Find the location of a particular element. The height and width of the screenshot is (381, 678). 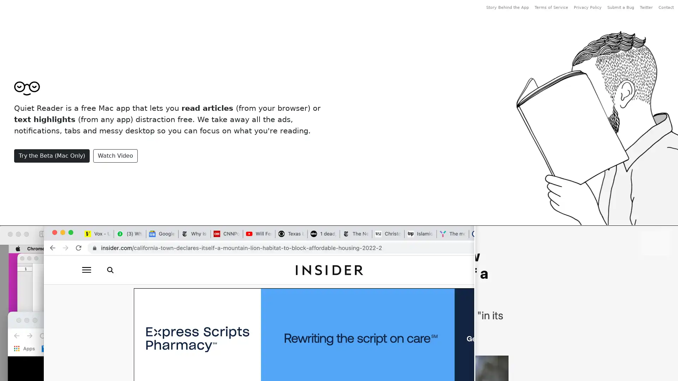

Watch Video is located at coordinates (115, 155).